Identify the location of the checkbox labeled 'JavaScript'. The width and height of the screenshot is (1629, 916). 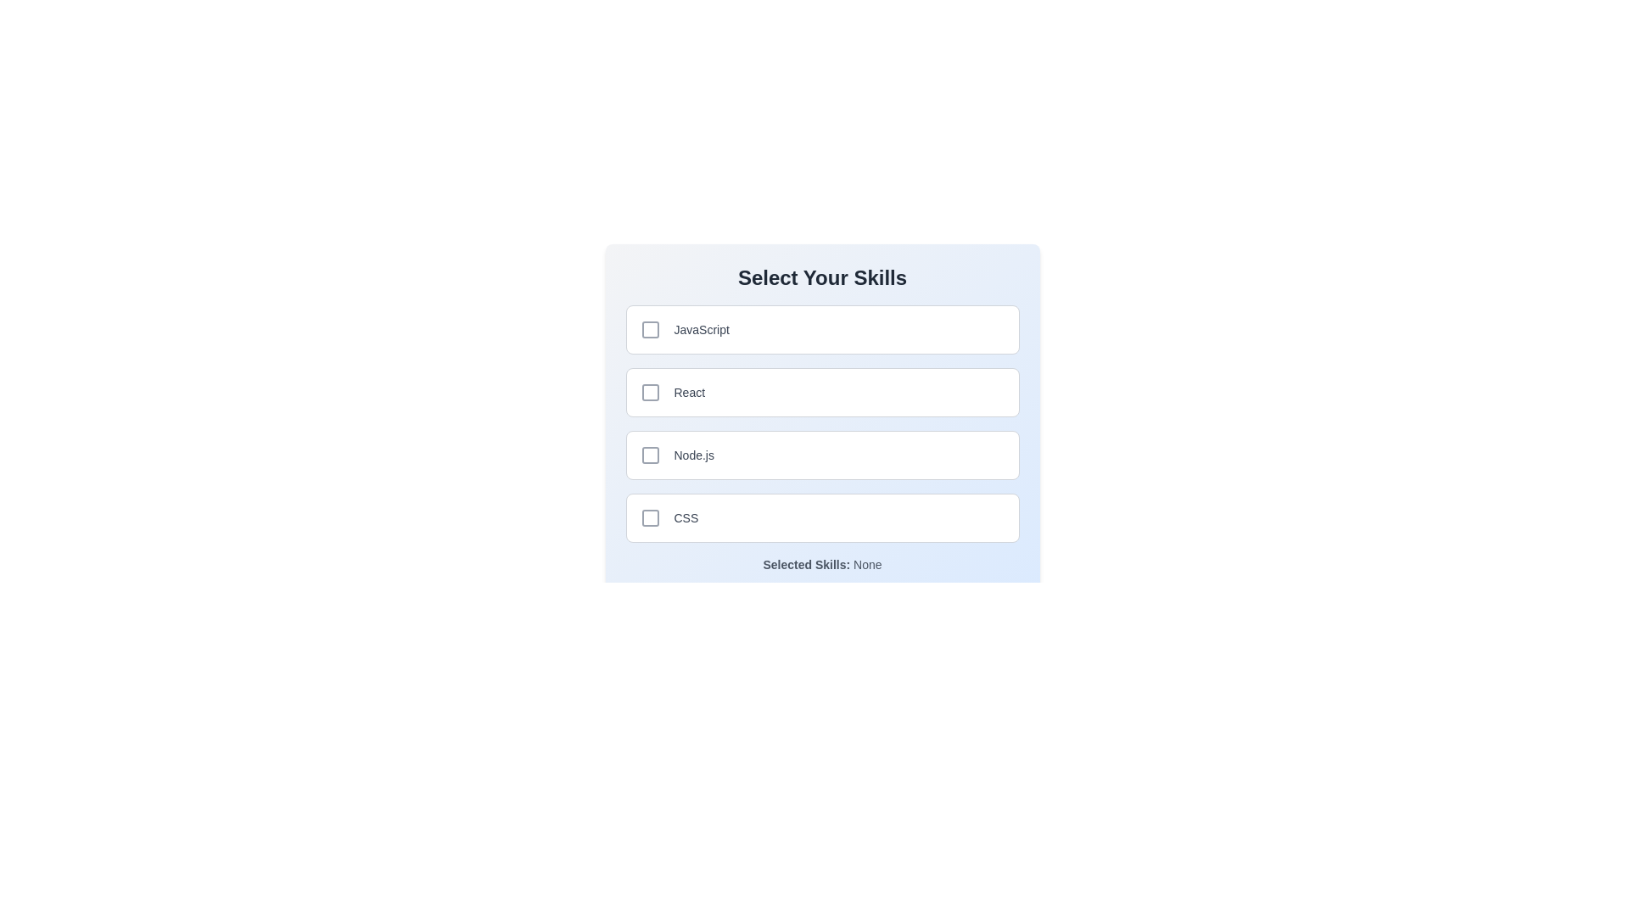
(822, 330).